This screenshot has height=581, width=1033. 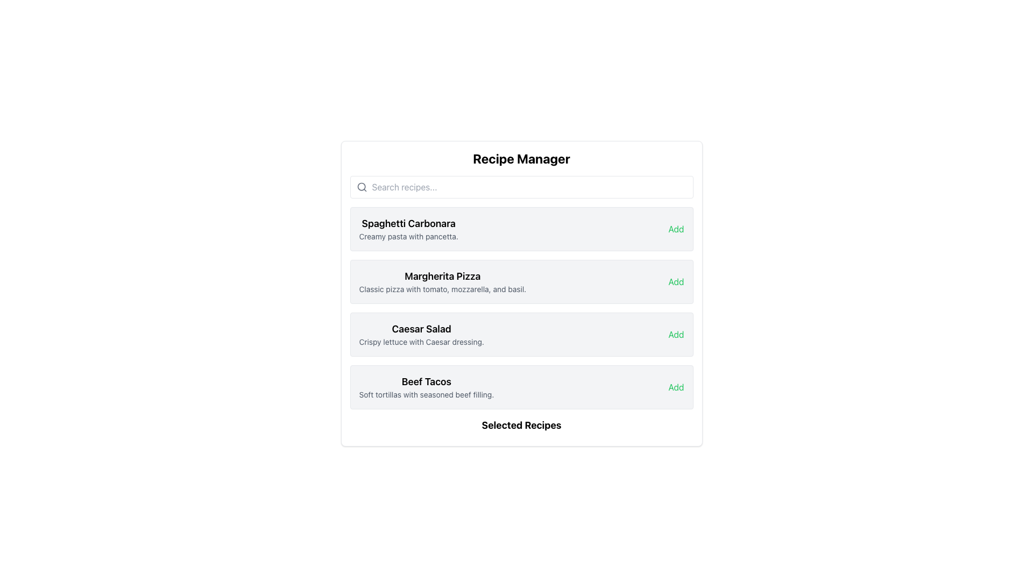 I want to click on the 'Add' button with green text, located to the right of the dish description 'Spaghetti Carbonara', so click(x=676, y=228).